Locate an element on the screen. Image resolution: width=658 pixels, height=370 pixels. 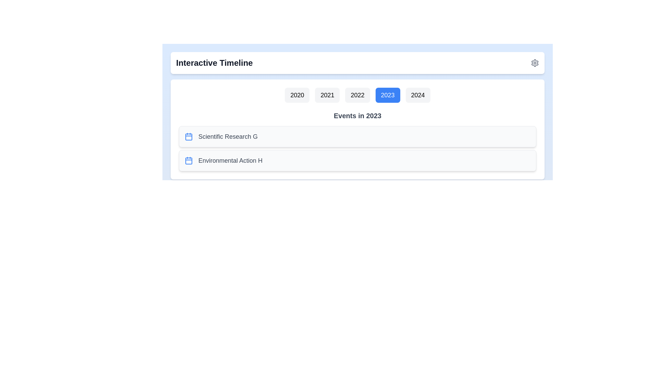
the event Scientific Research G listed for the year 2023 is located at coordinates (228, 136).